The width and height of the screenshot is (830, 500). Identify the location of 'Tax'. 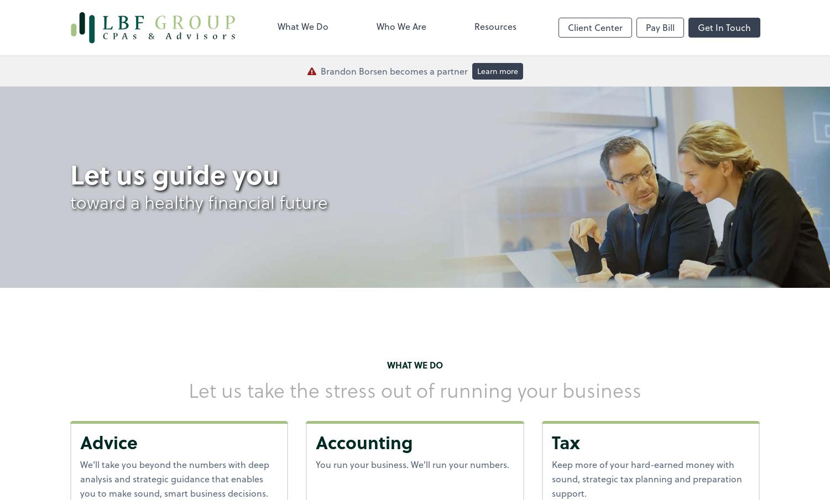
(551, 442).